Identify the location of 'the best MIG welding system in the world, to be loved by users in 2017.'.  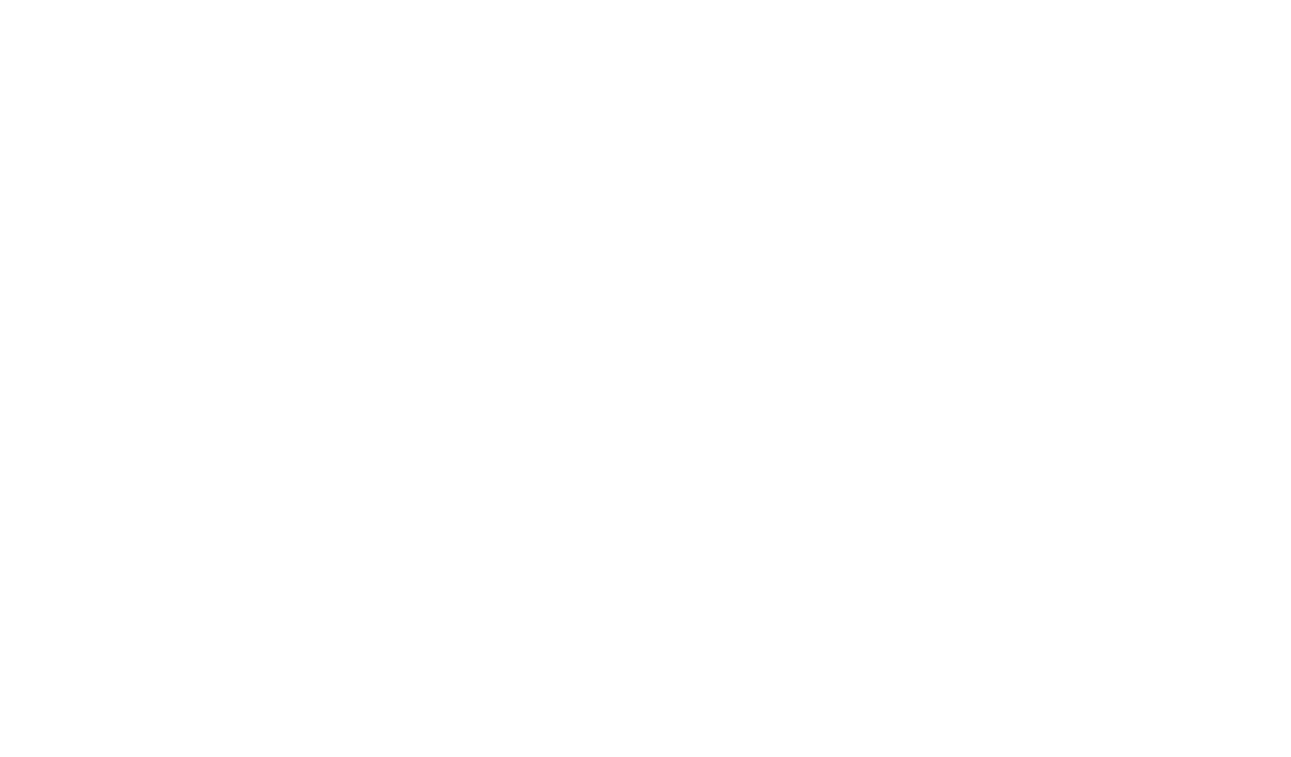
(523, 19).